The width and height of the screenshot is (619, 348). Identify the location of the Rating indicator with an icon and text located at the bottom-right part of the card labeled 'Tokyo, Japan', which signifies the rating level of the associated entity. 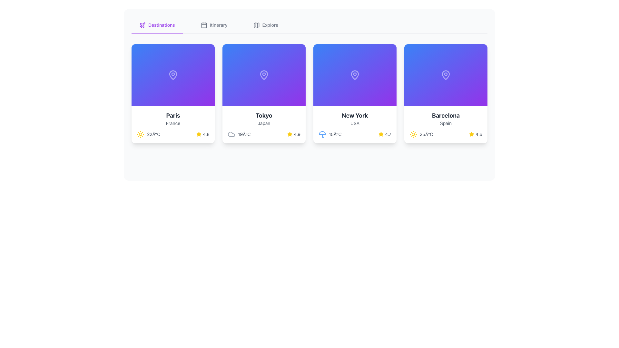
(293, 134).